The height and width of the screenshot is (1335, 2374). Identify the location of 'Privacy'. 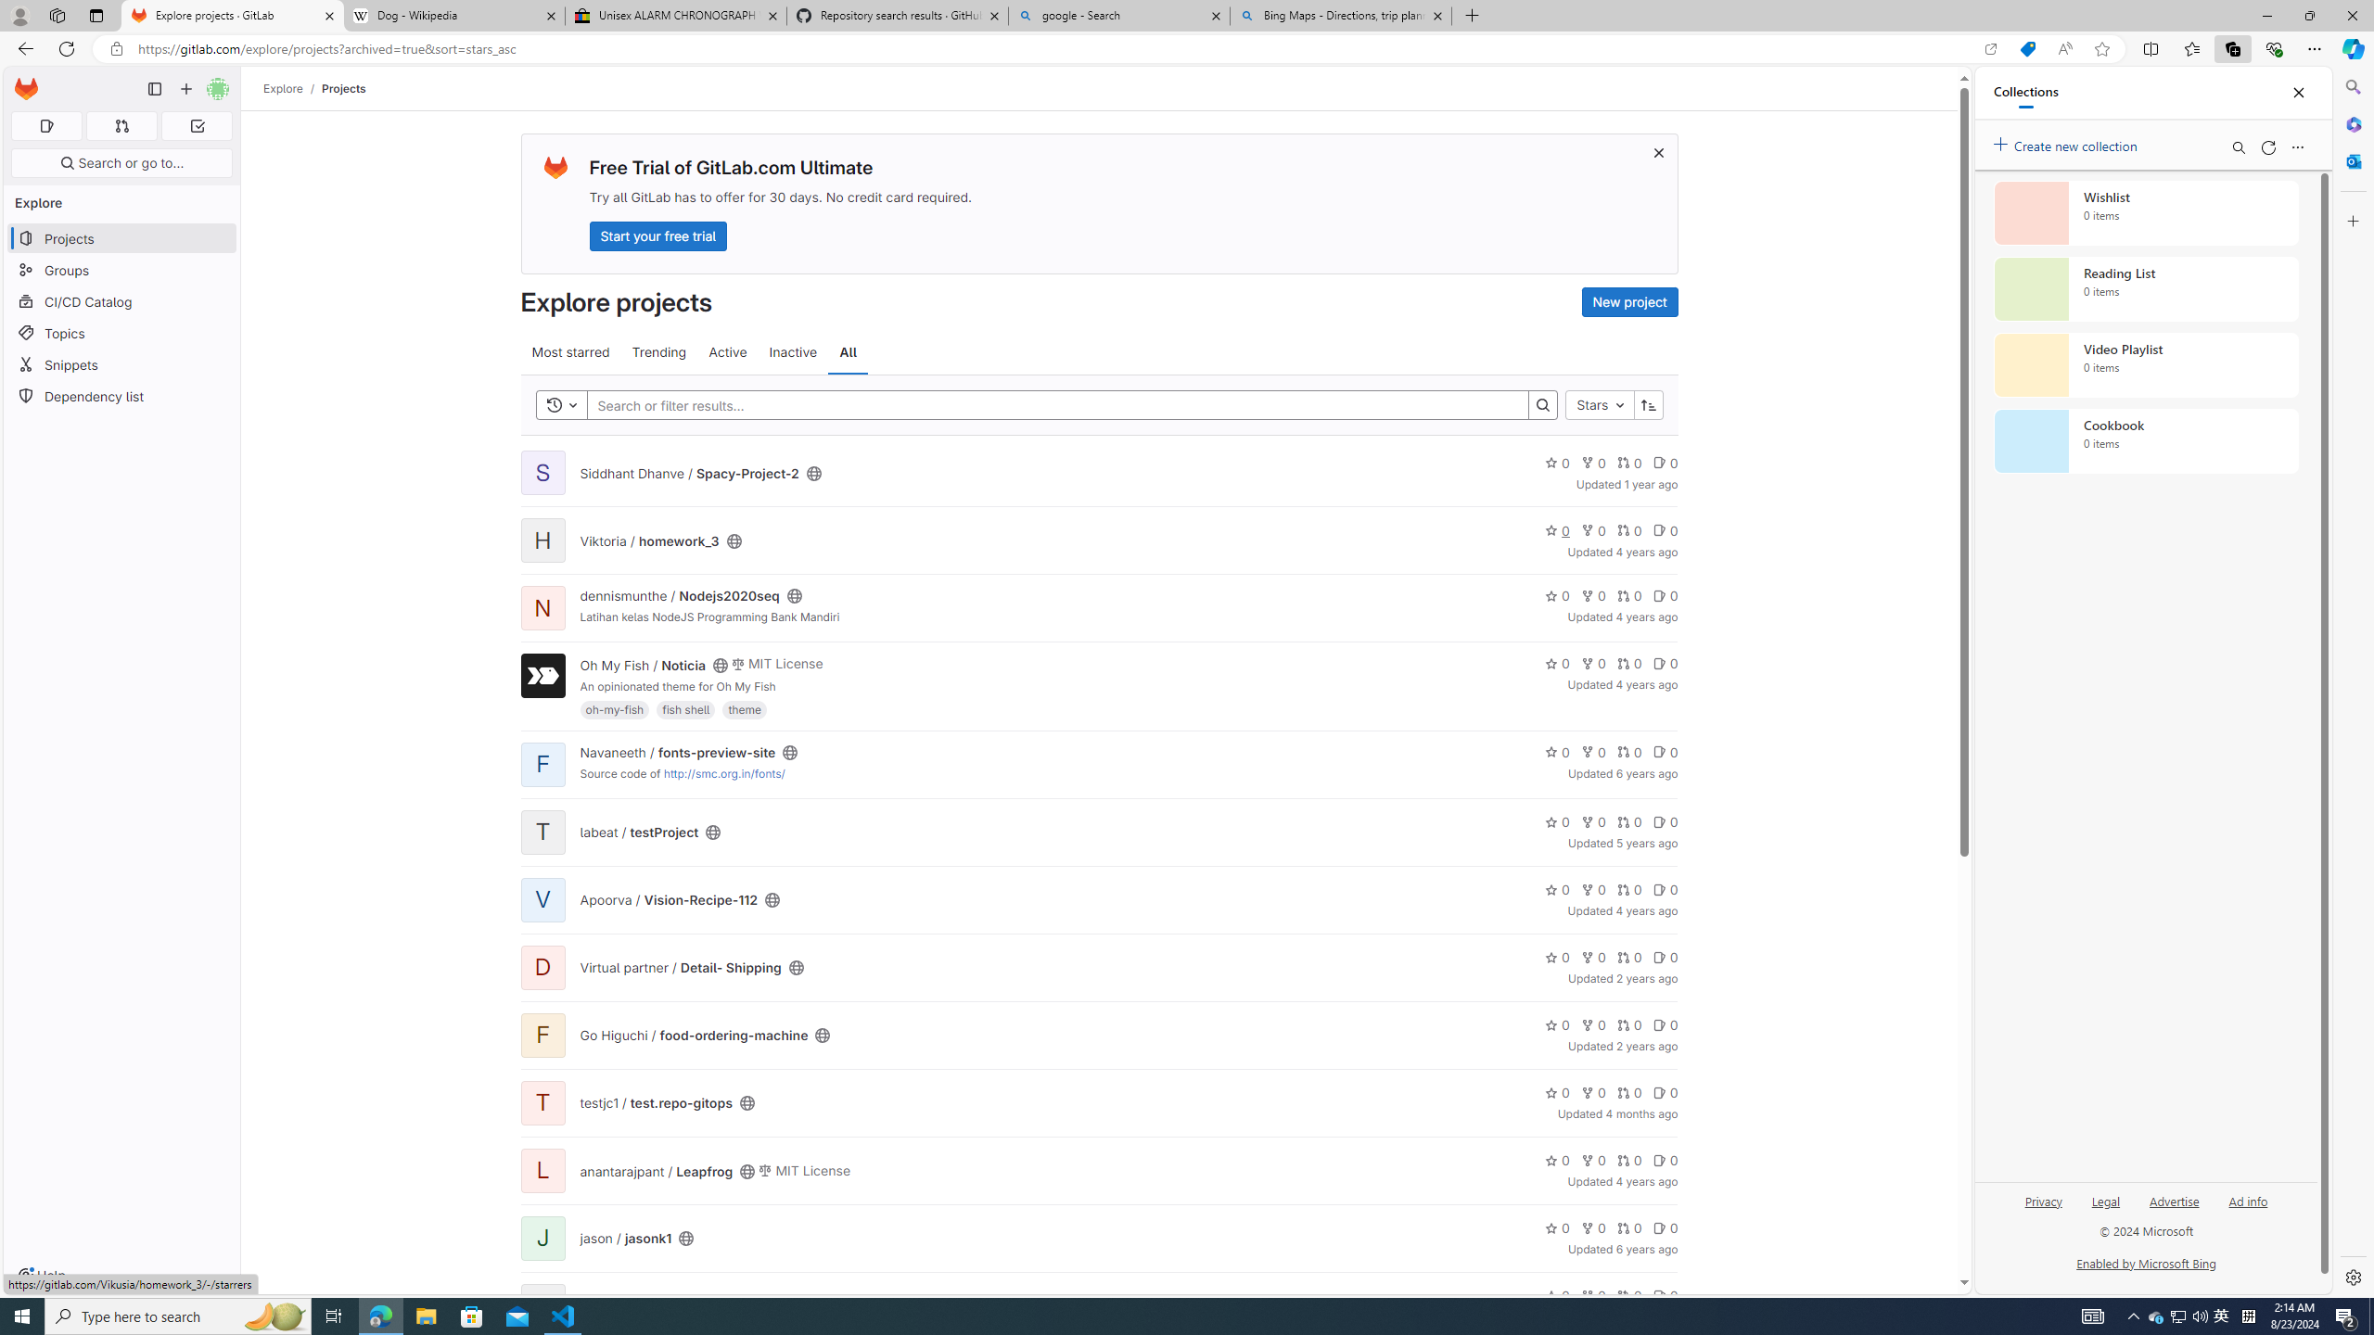
(2044, 1200).